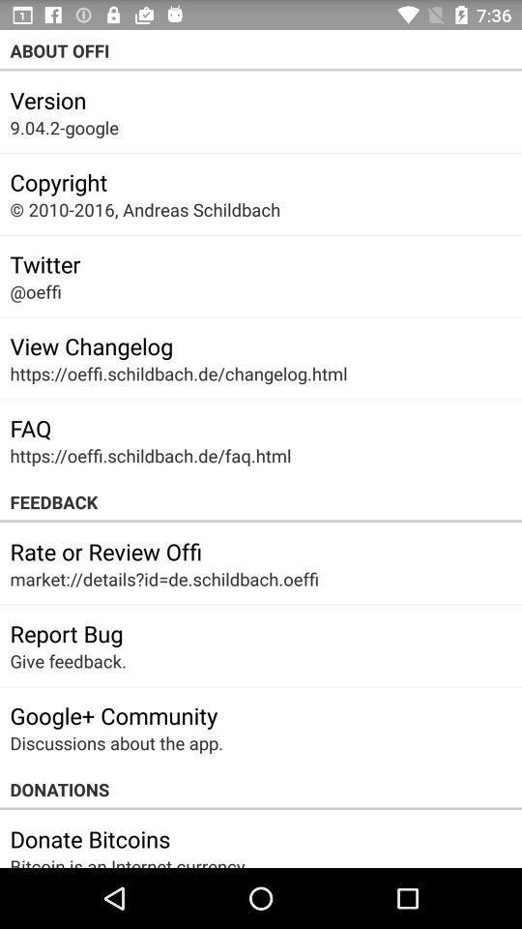  Describe the element at coordinates (64, 127) in the screenshot. I see `item above the copyright app` at that location.